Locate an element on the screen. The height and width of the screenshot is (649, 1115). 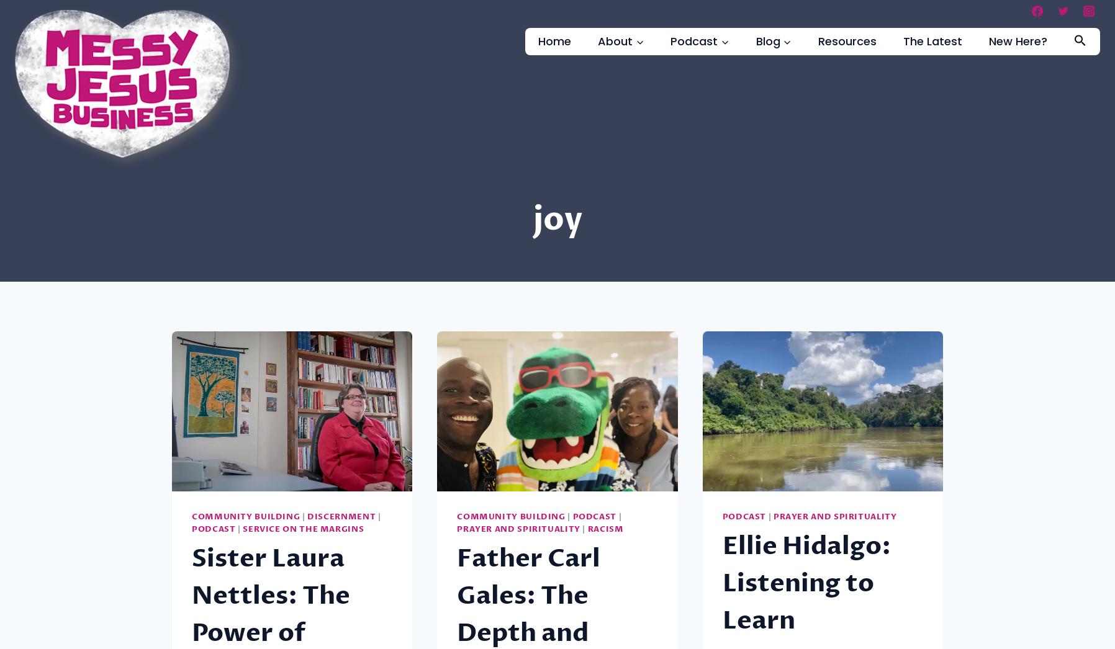
'Blog' is located at coordinates (767, 40).